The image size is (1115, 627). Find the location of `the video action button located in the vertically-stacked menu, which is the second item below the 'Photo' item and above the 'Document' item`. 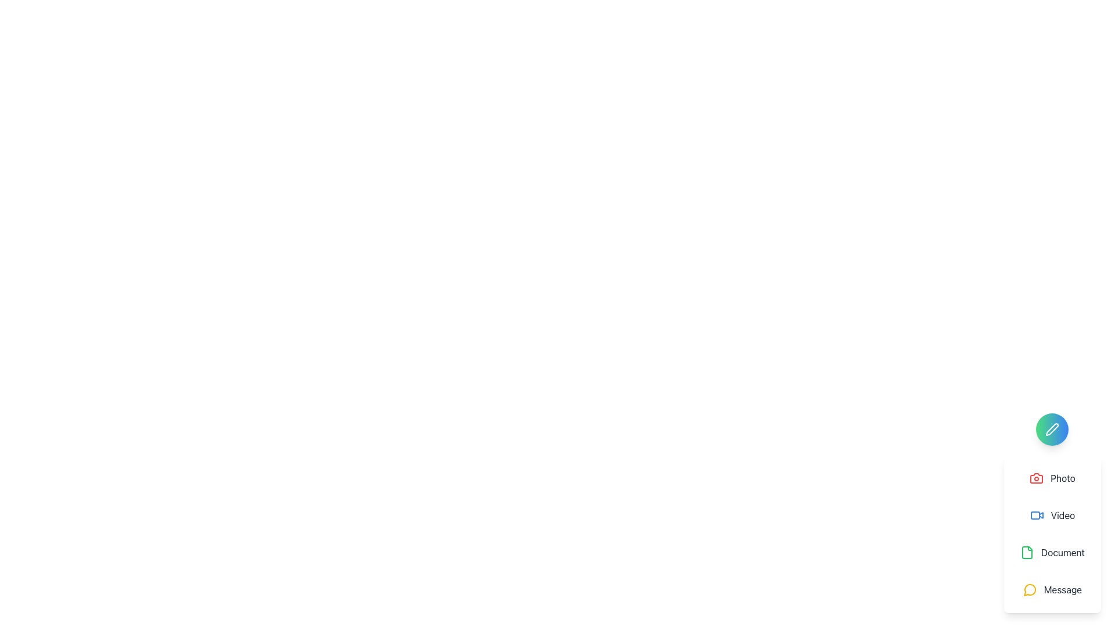

the video action button located in the vertically-stacked menu, which is the second item below the 'Photo' item and above the 'Document' item is located at coordinates (1052, 514).